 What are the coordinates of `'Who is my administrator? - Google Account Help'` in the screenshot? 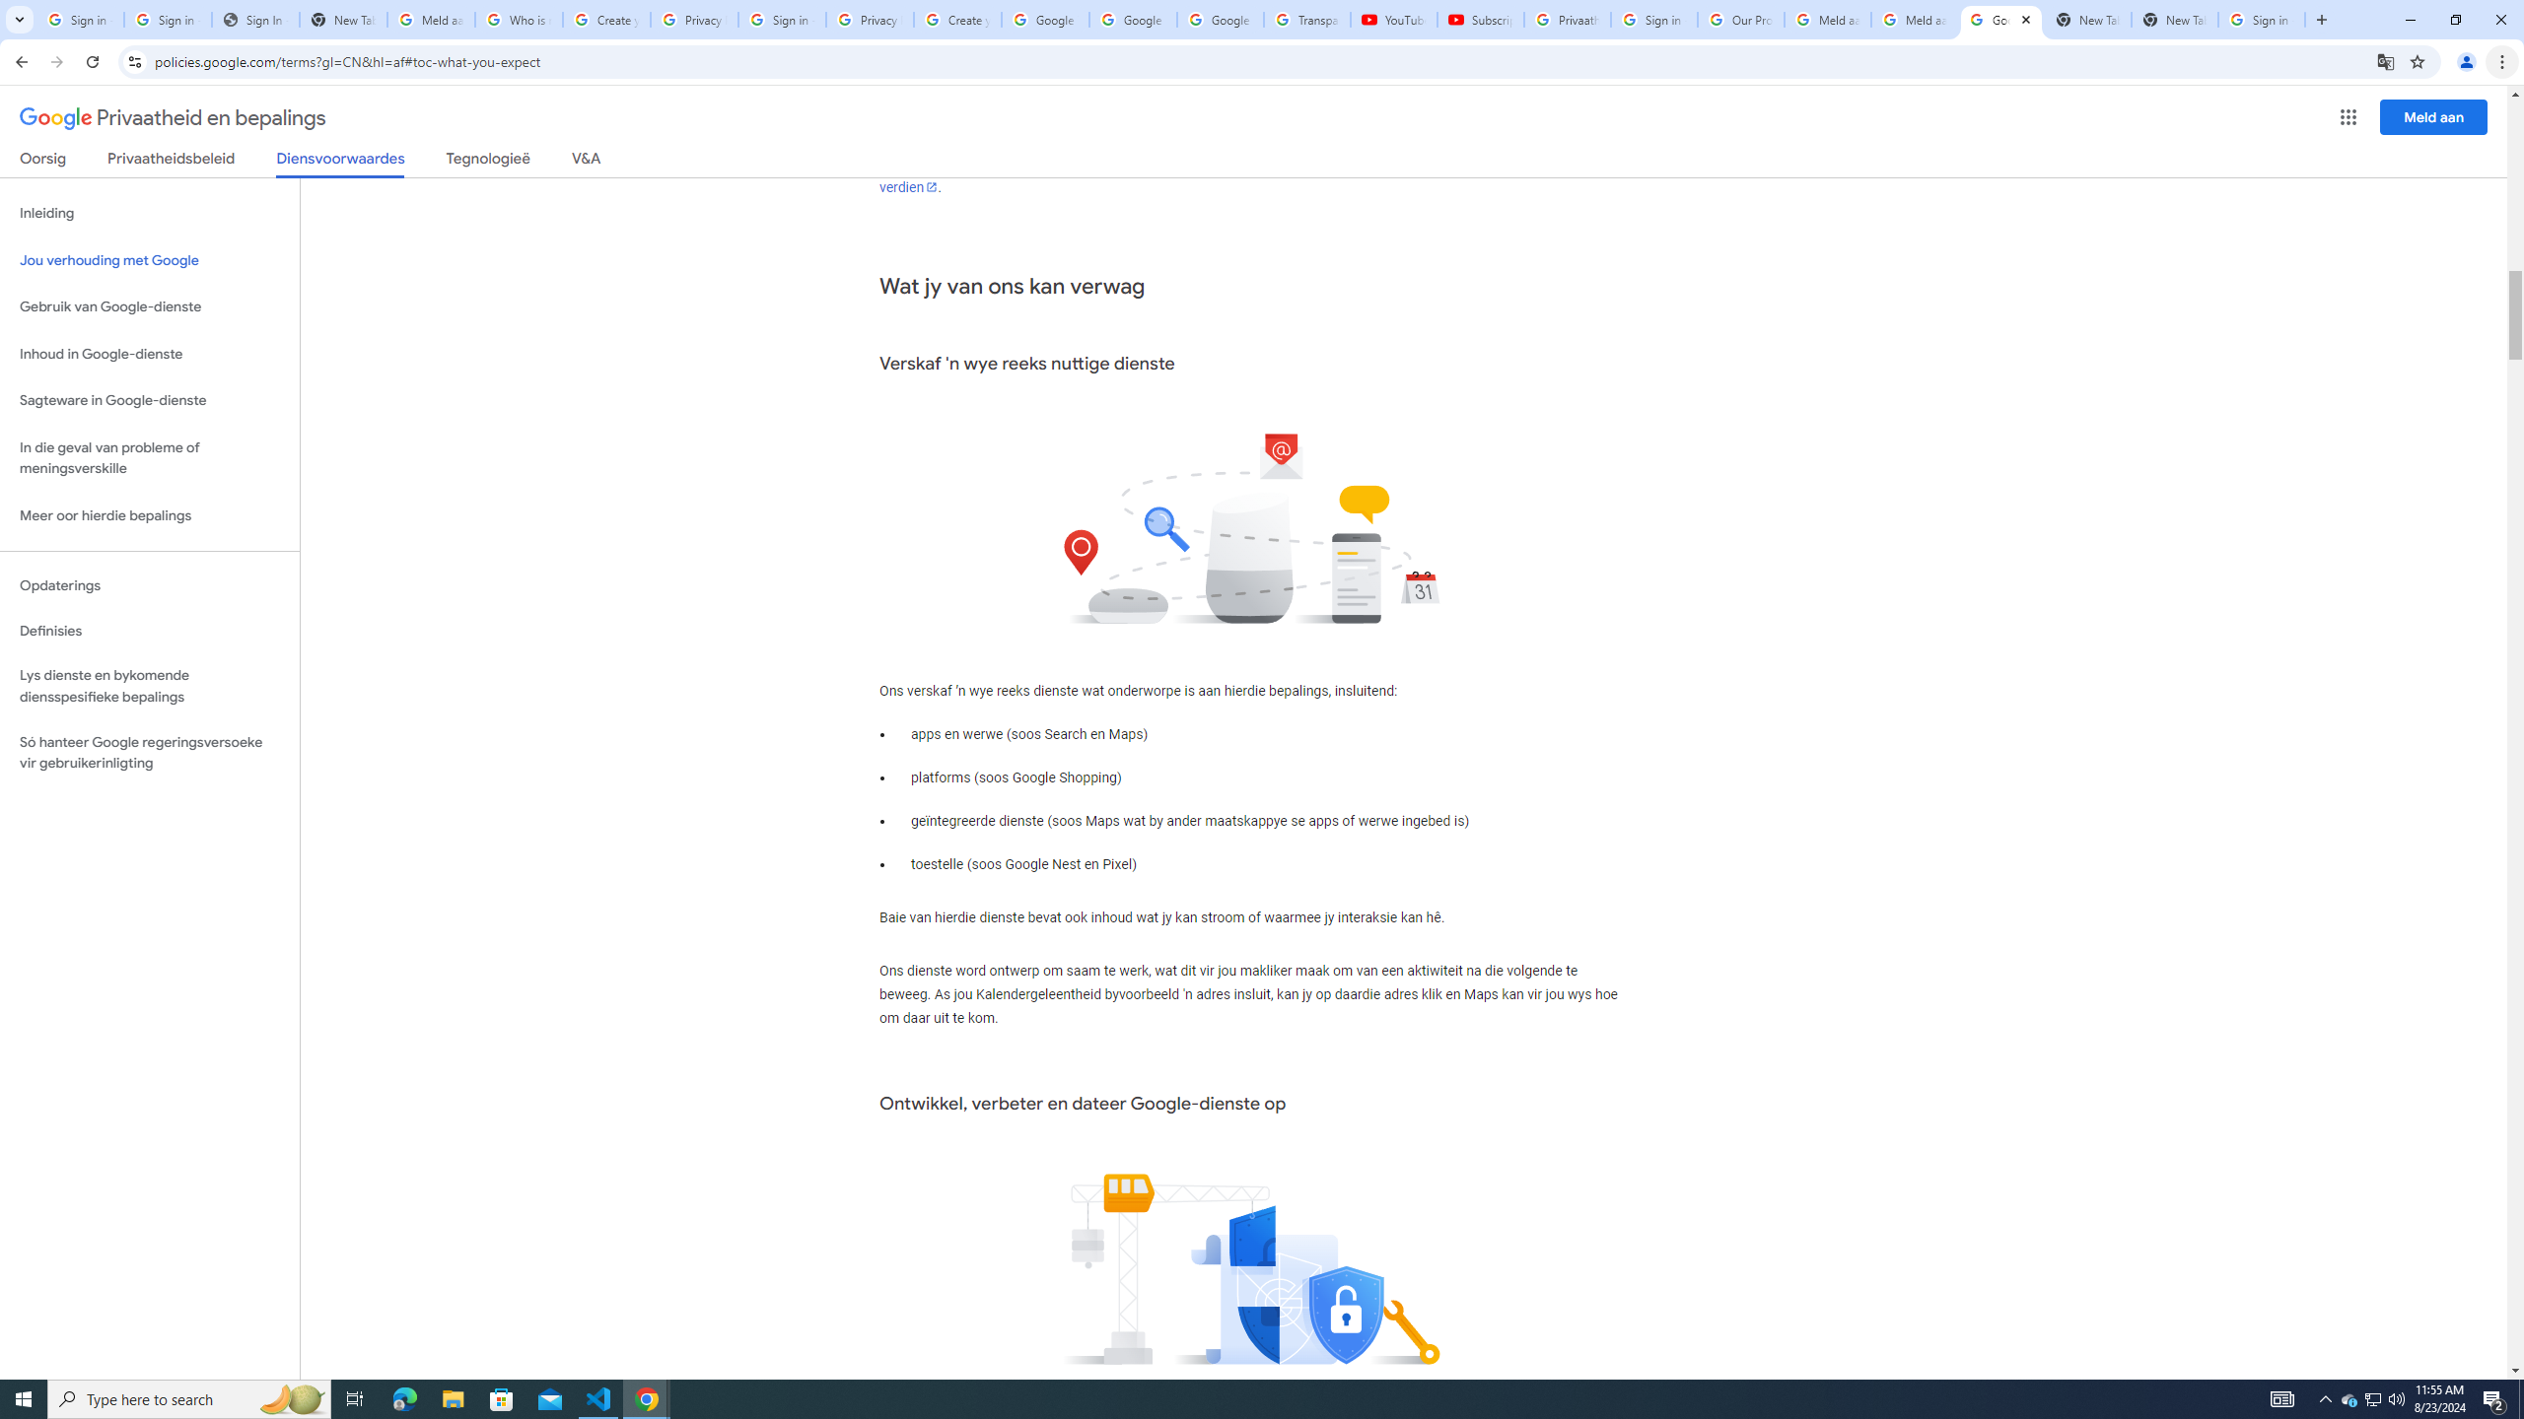 It's located at (519, 19).